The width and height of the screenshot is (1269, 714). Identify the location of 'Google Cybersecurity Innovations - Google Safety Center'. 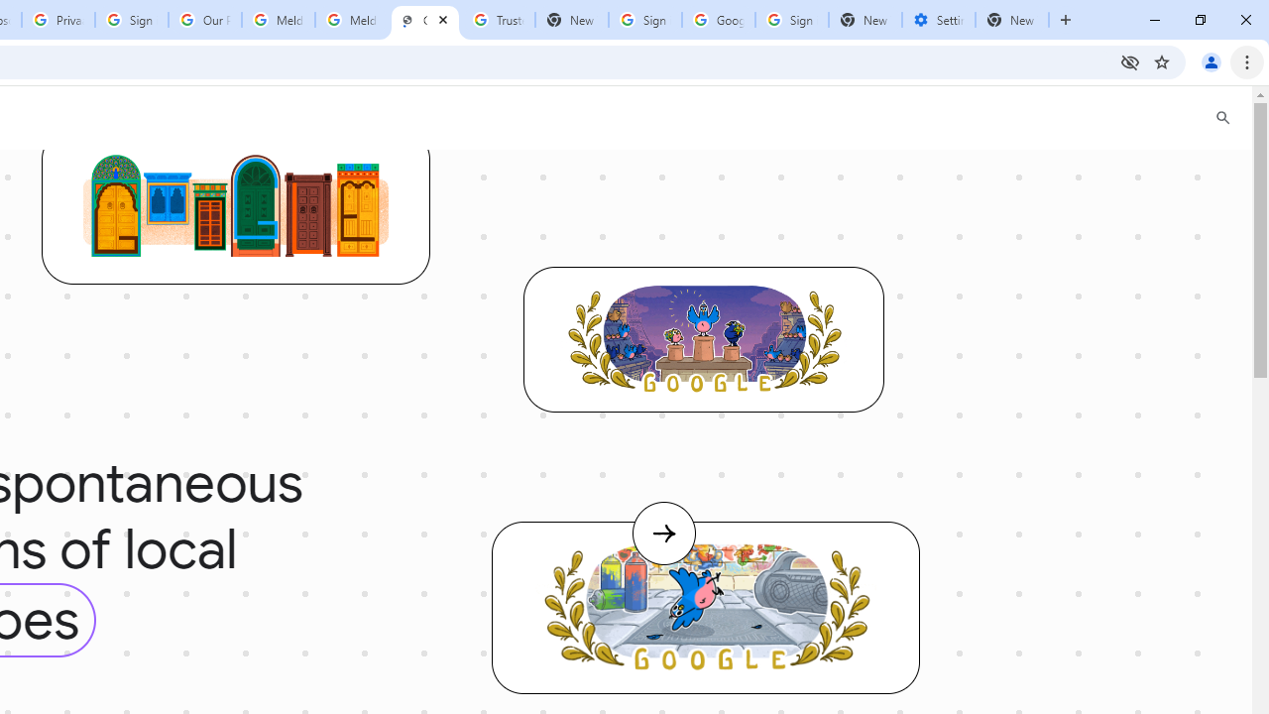
(717, 20).